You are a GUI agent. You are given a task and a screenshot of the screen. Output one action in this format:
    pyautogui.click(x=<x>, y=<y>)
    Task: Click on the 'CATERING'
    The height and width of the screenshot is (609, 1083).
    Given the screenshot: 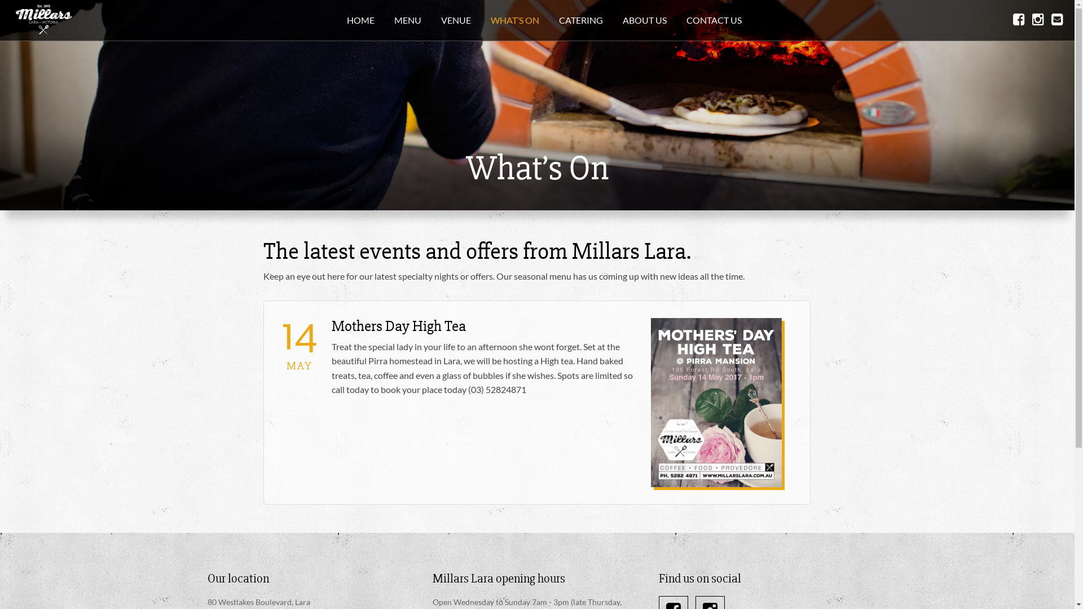 What is the action you would take?
    pyautogui.click(x=581, y=20)
    